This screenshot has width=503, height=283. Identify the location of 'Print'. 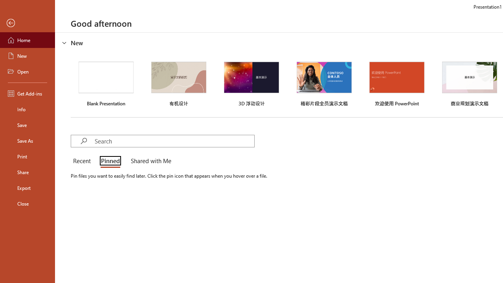
(27, 156).